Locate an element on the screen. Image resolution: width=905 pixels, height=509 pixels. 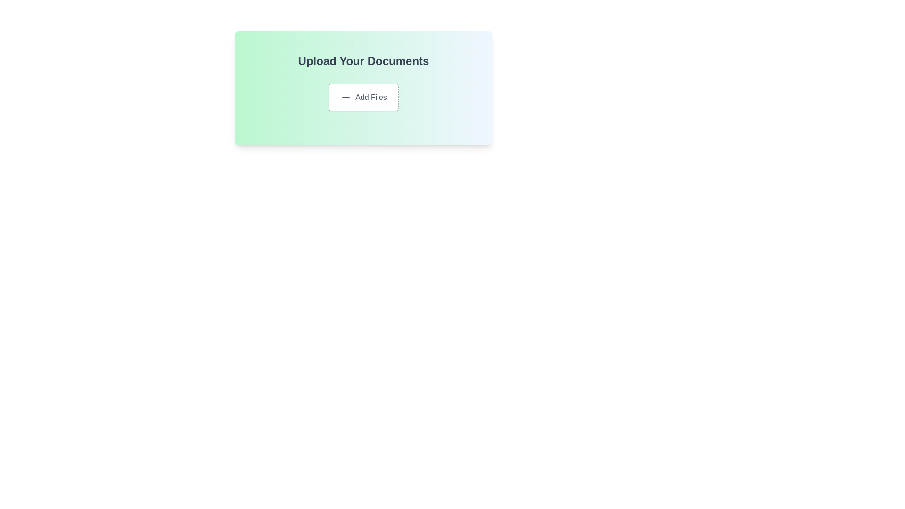
the 'Add Files' button, which is located centrally within a composite UI component that features a gradient background and the header text 'Upload Your Documents' is located at coordinates (363, 111).